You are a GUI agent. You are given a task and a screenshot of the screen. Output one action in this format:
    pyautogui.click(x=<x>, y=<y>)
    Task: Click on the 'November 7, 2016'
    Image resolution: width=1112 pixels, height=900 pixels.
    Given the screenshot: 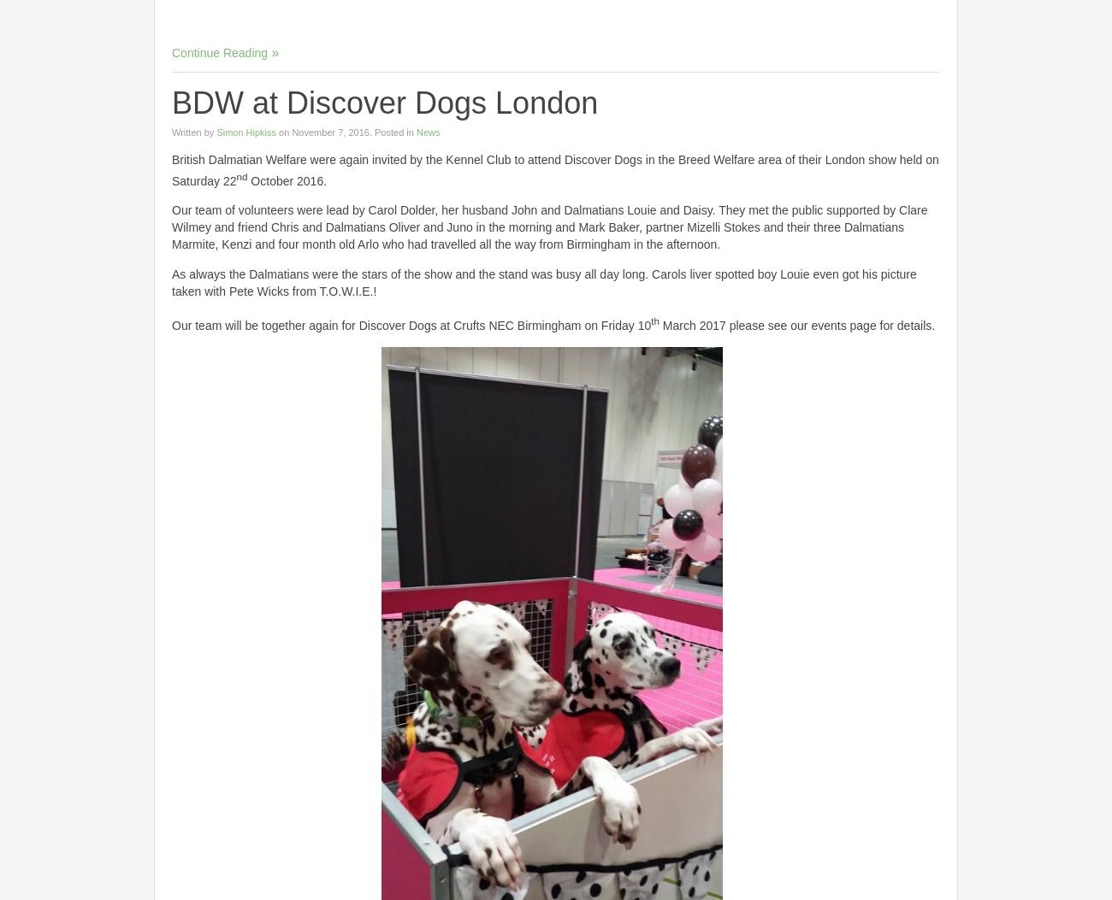 What is the action you would take?
    pyautogui.click(x=329, y=130)
    